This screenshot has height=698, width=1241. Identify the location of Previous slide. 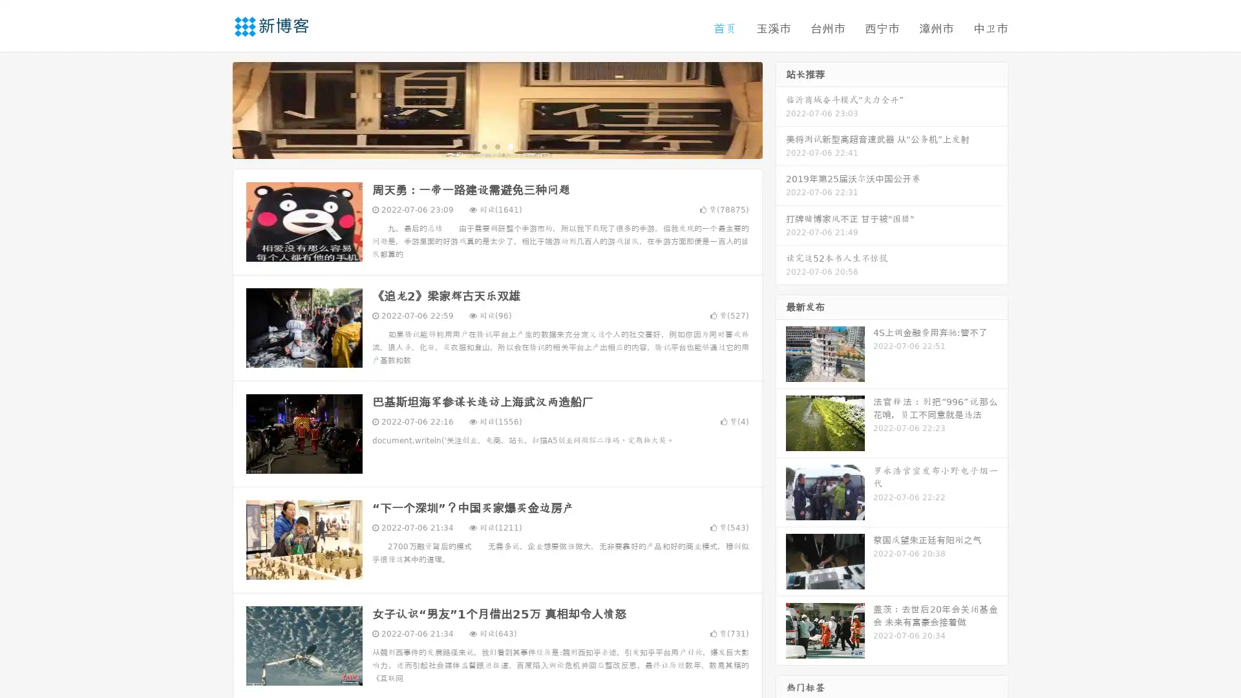
(213, 109).